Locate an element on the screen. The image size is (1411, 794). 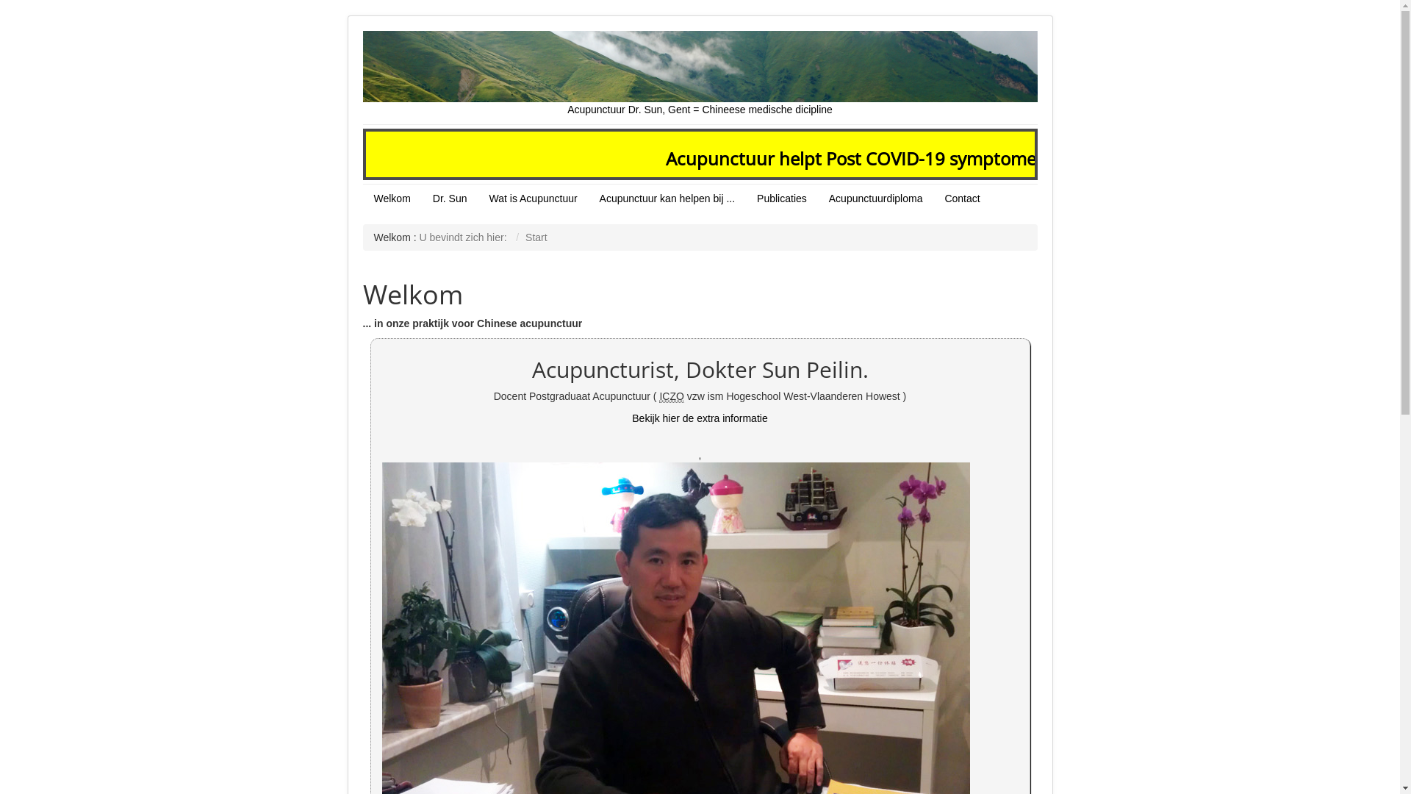
'Welkom' is located at coordinates (392, 198).